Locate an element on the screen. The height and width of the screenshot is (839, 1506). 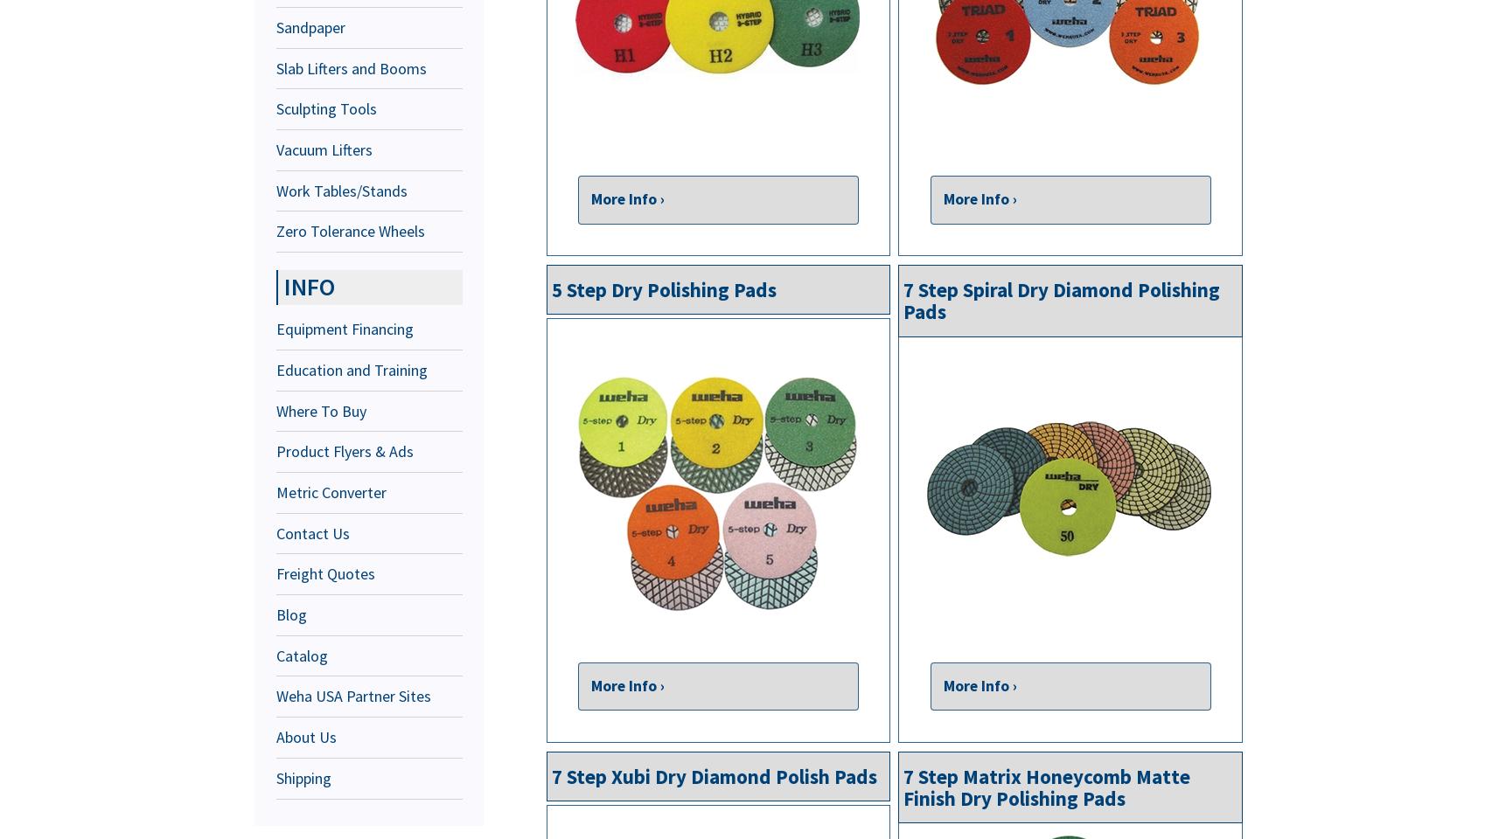
'Catalog' is located at coordinates (301, 654).